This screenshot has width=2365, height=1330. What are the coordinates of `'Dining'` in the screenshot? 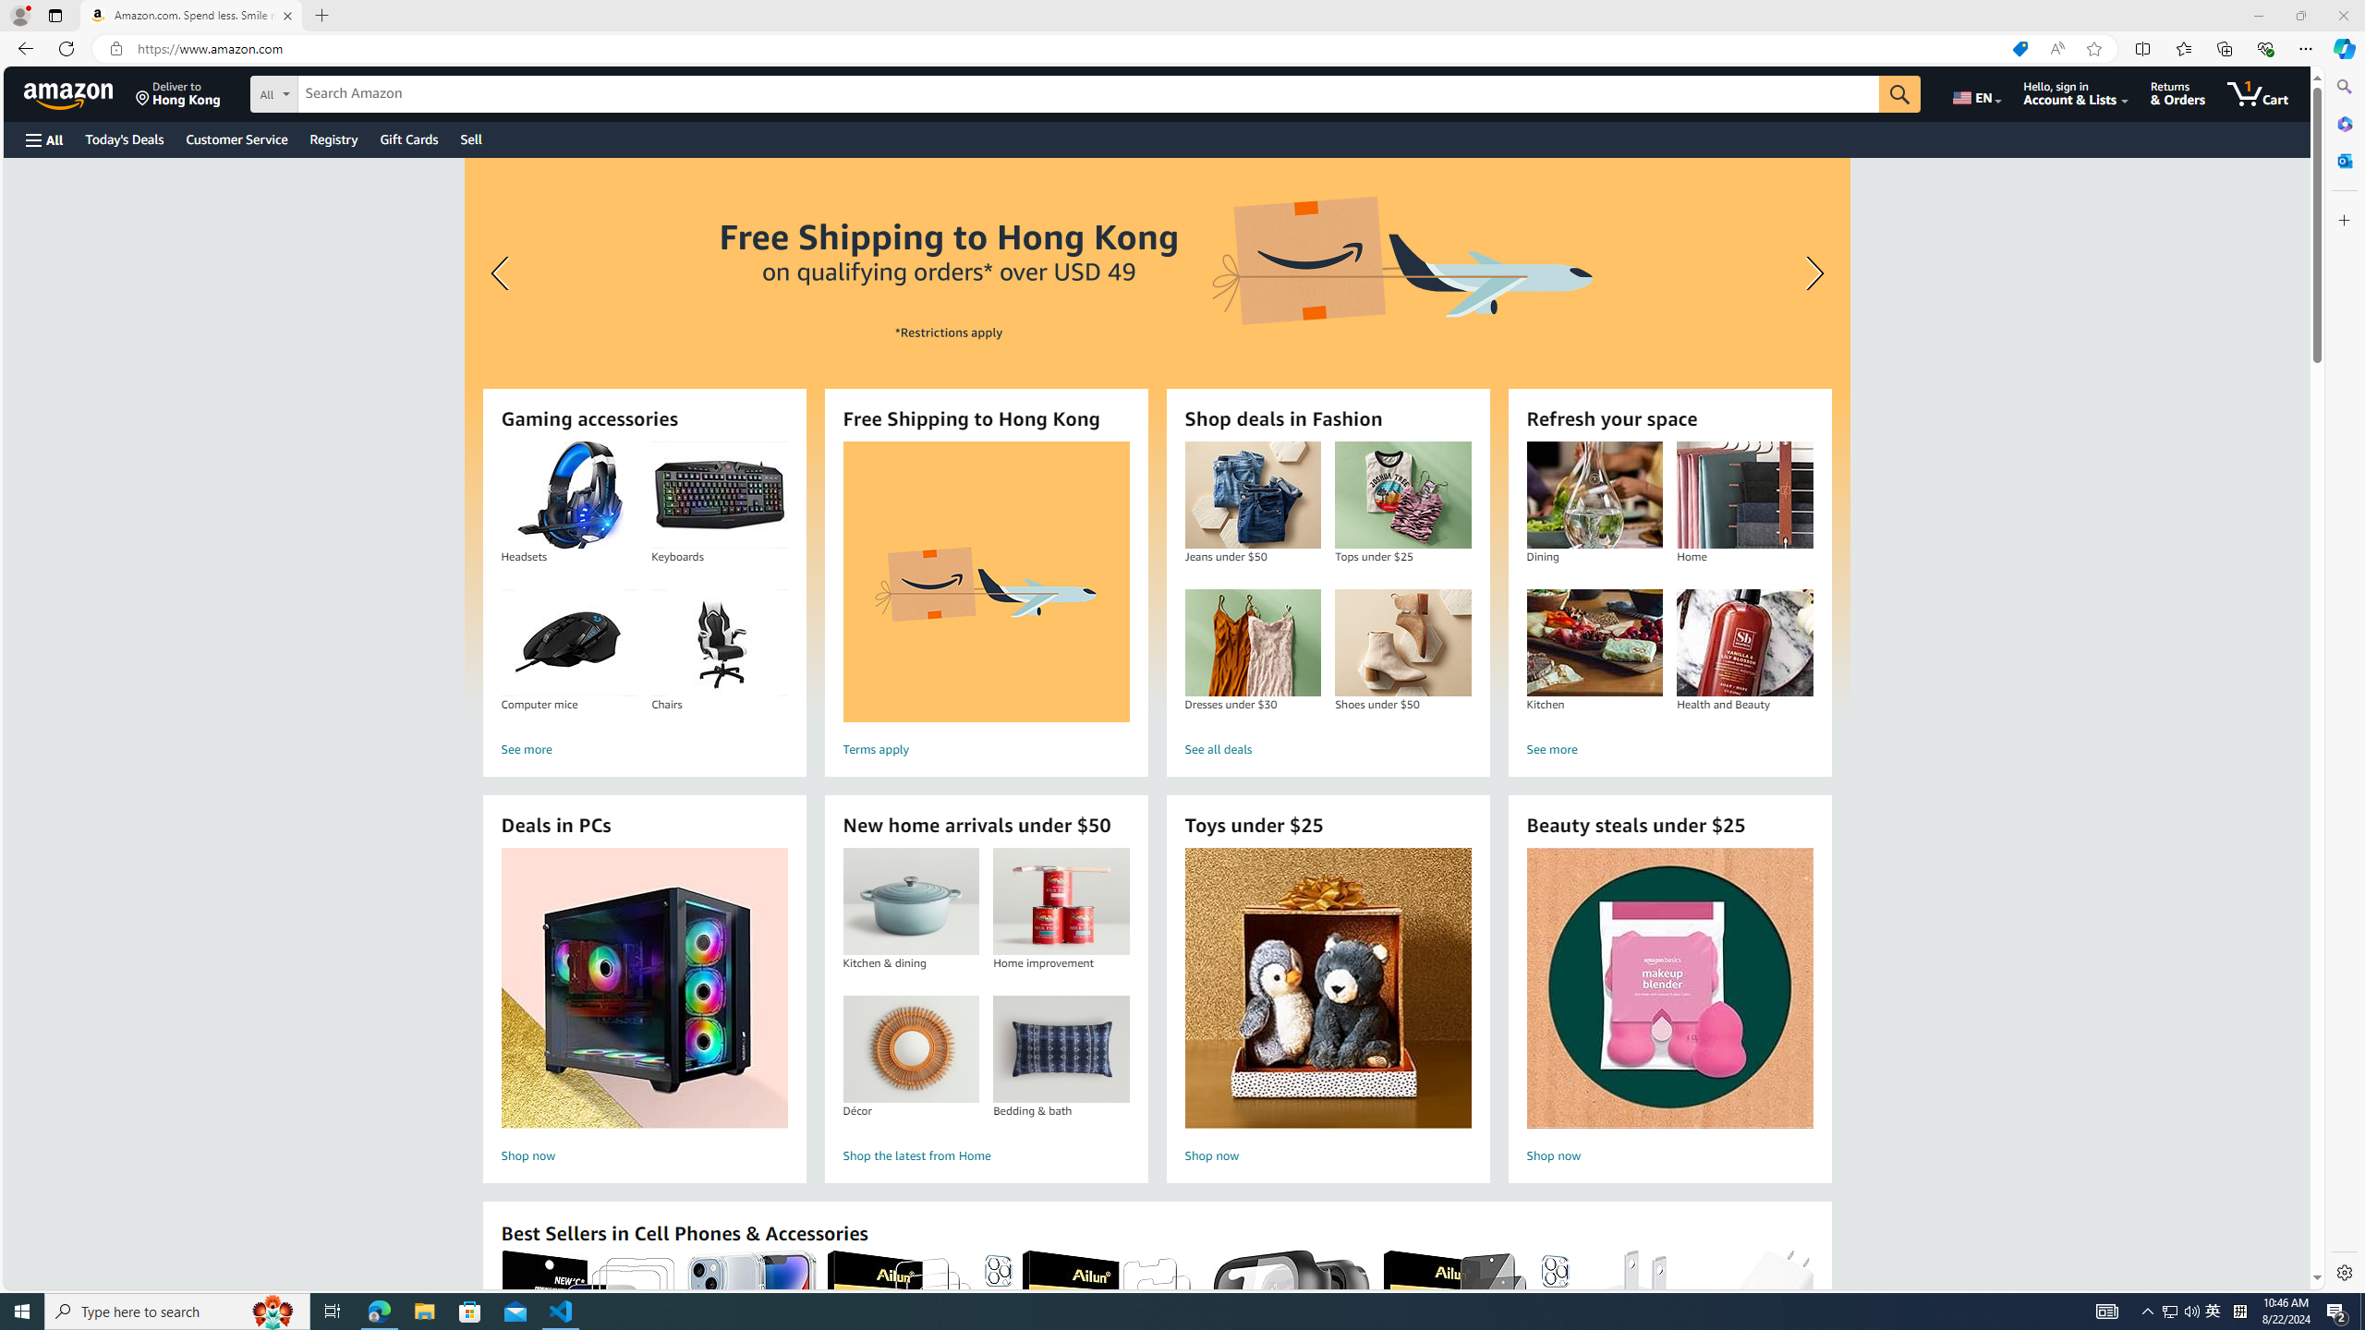 It's located at (1593, 495).